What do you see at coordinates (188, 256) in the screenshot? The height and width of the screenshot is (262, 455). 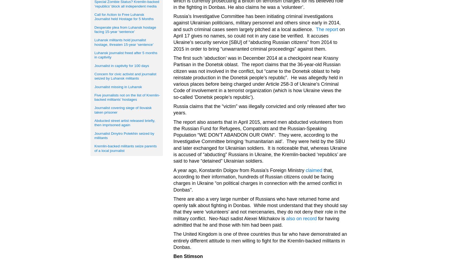 I see `'Ben Stimson'` at bounding box center [188, 256].